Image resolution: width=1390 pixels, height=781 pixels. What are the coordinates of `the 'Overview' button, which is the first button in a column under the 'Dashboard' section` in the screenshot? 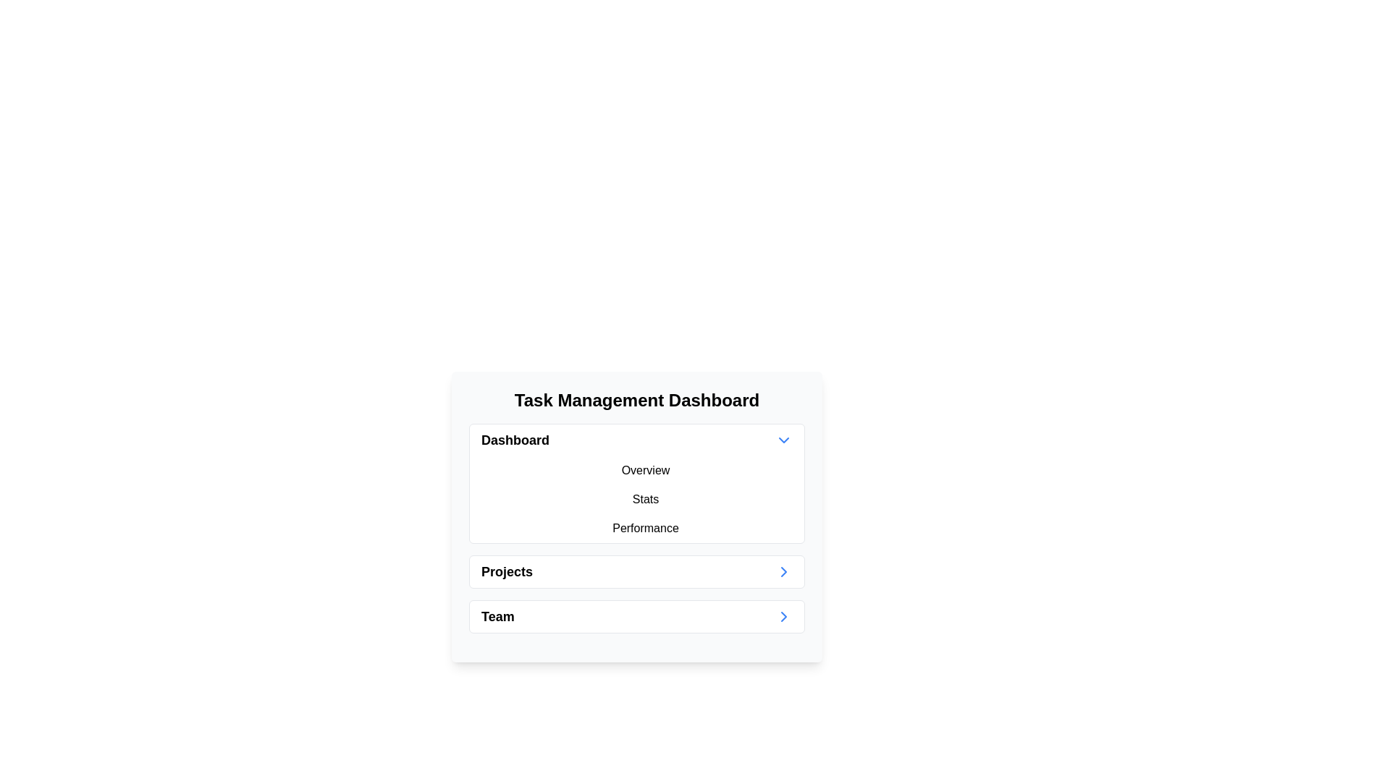 It's located at (645, 471).